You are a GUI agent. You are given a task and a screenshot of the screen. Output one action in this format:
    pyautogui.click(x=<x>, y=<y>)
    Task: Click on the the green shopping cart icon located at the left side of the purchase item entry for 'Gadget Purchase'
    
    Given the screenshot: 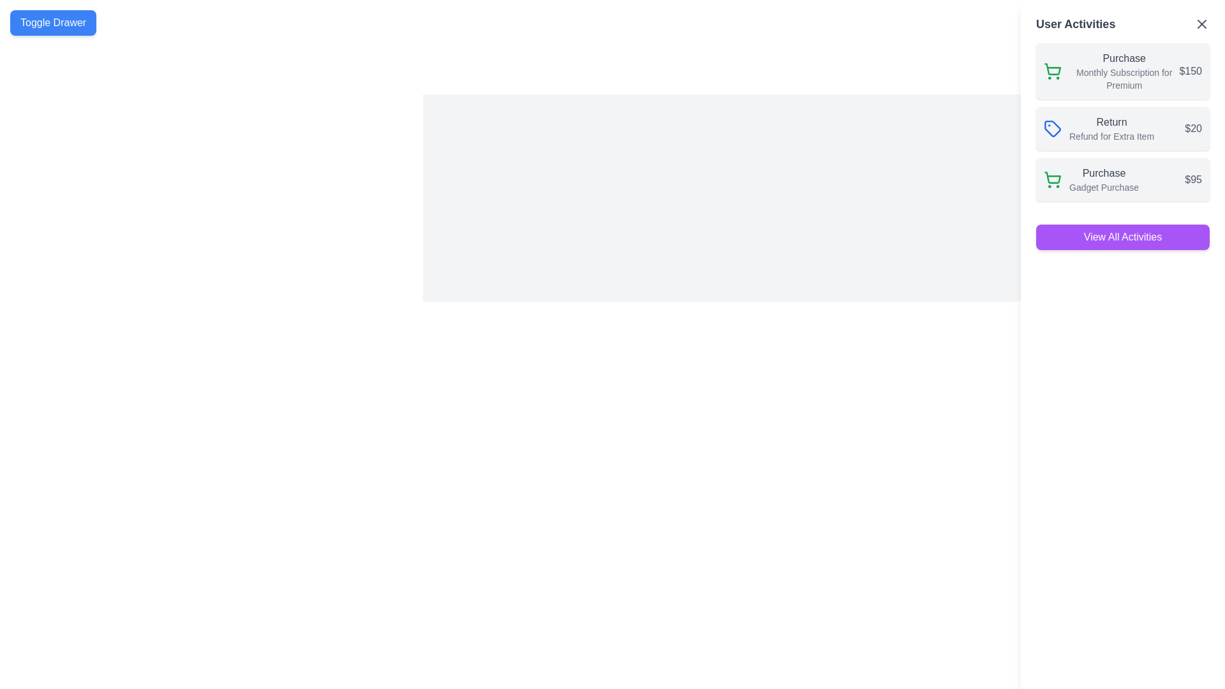 What is the action you would take?
    pyautogui.click(x=1053, y=179)
    